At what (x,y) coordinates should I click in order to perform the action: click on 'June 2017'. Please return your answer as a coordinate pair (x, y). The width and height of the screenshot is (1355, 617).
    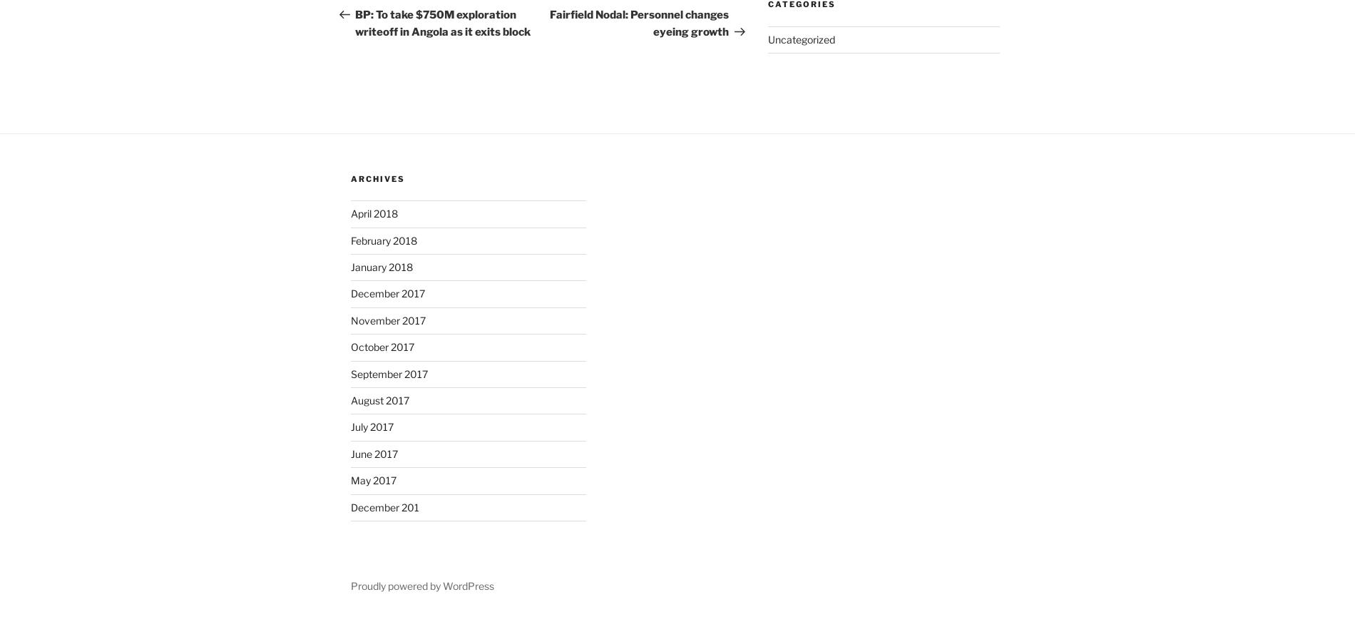
    Looking at the image, I should click on (374, 453).